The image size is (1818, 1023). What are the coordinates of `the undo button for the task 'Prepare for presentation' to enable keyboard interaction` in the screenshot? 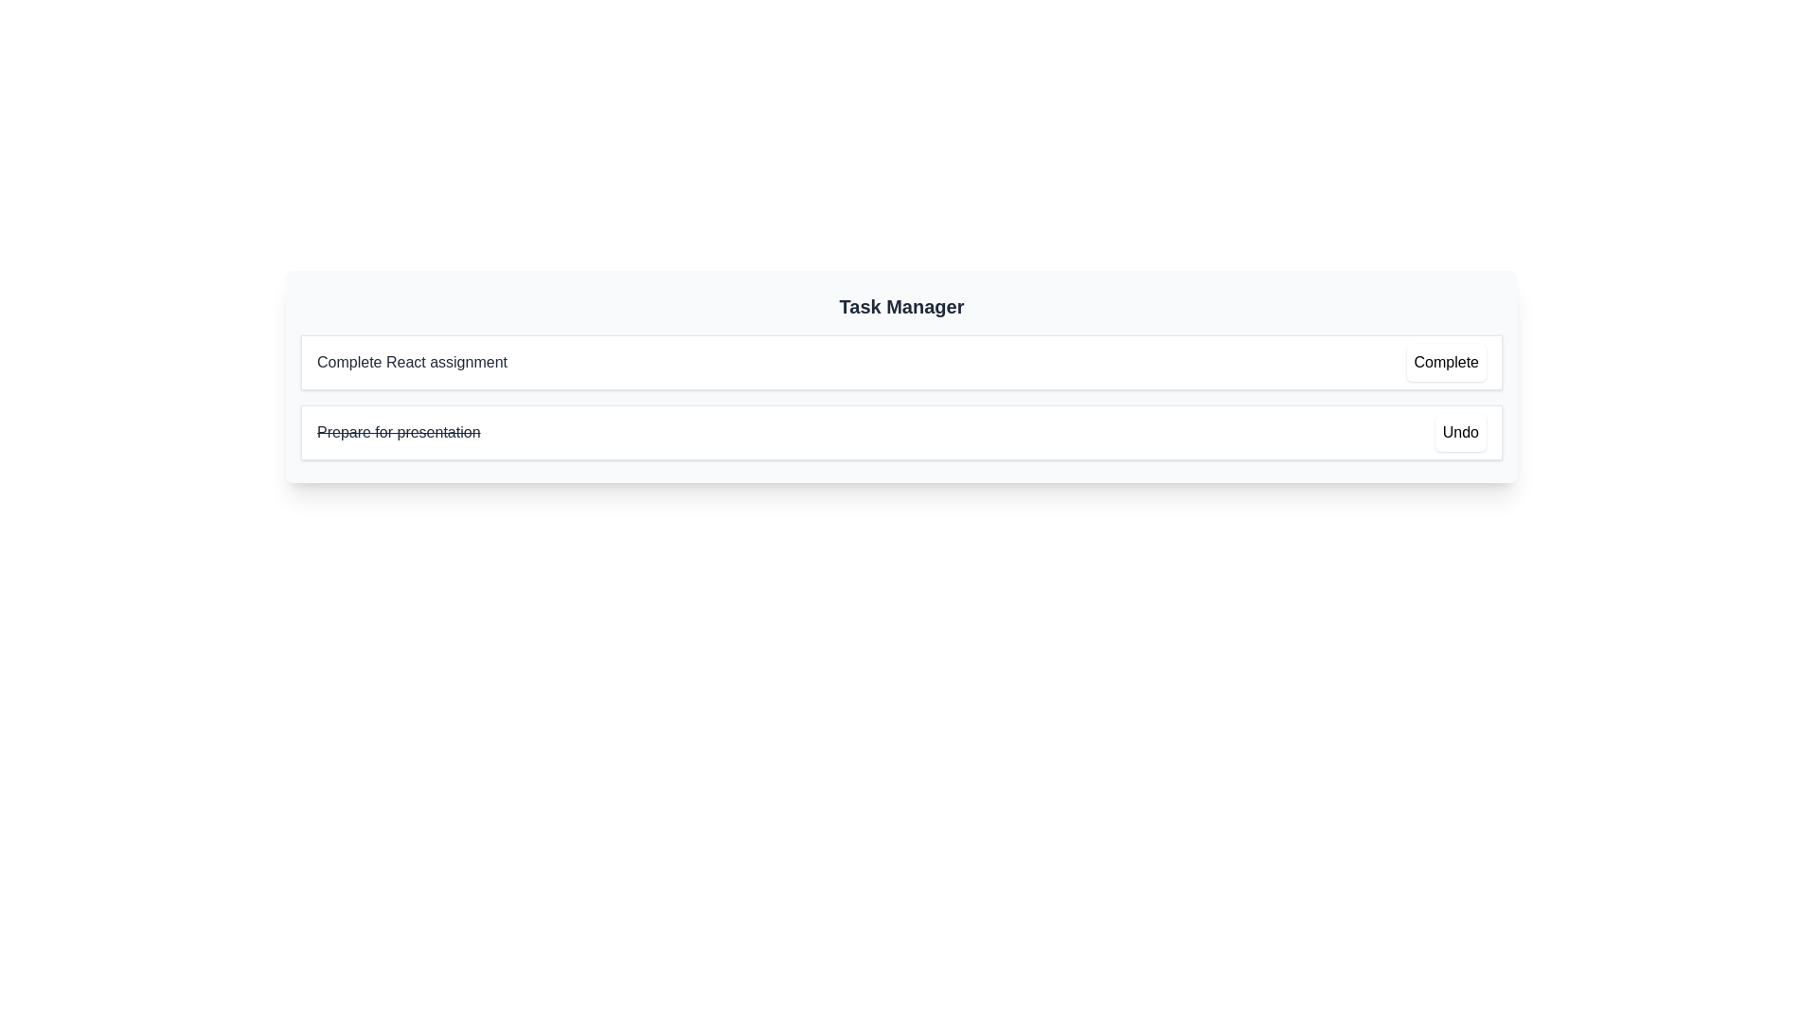 It's located at (1459, 432).